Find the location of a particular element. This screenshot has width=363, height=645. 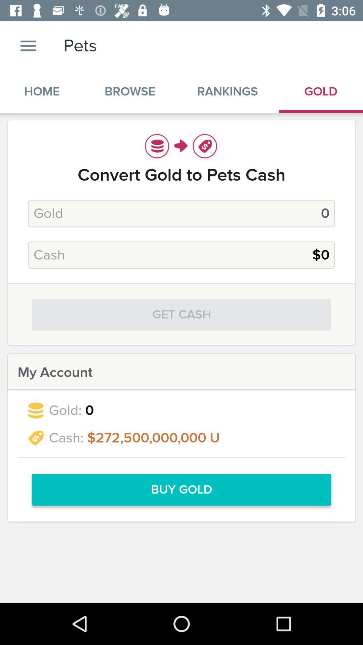

the get cash icon is located at coordinates (182, 314).